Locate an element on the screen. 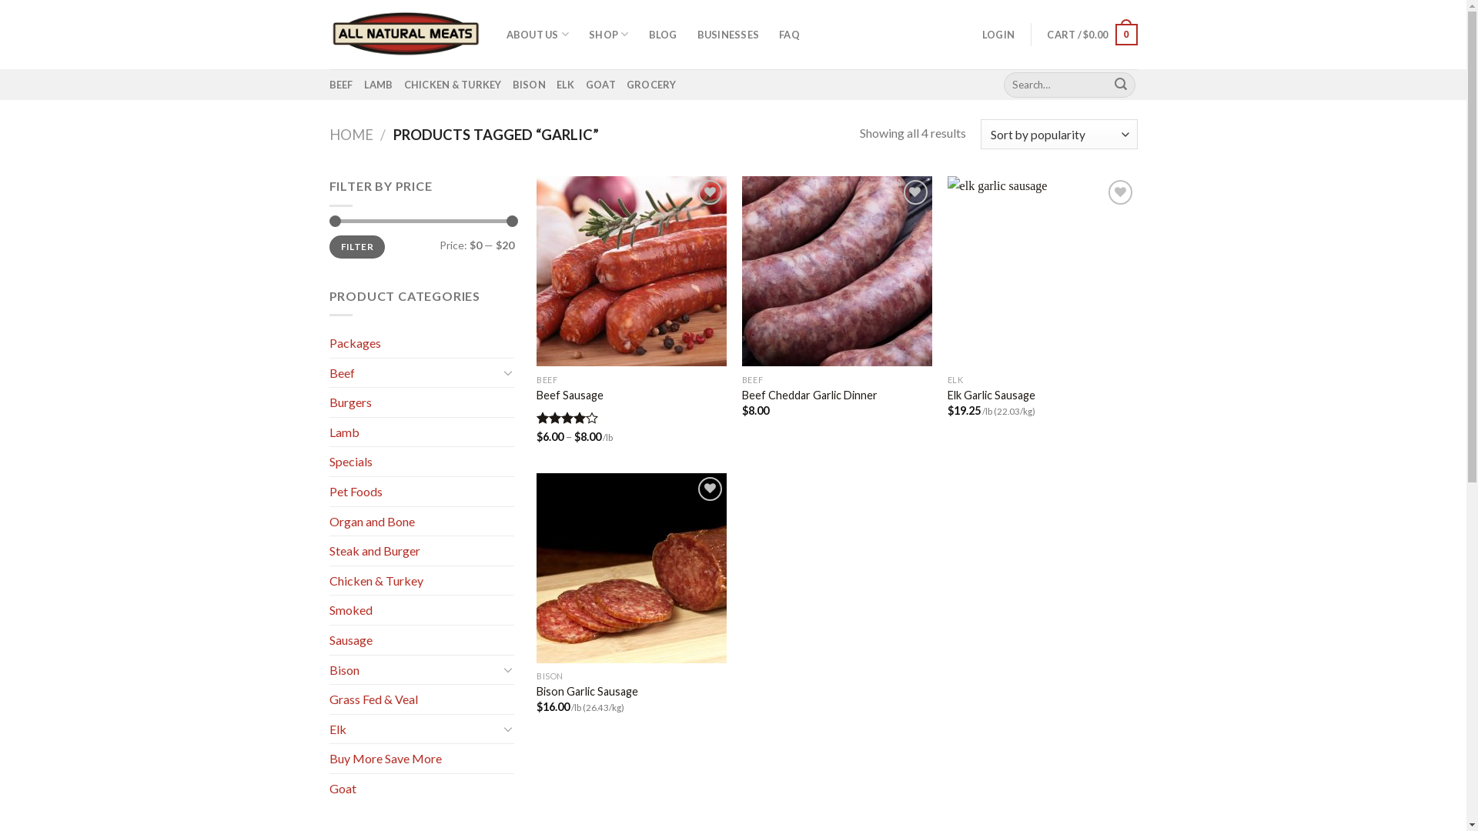 The height and width of the screenshot is (831, 1478). 'FAQ' is located at coordinates (789, 35).